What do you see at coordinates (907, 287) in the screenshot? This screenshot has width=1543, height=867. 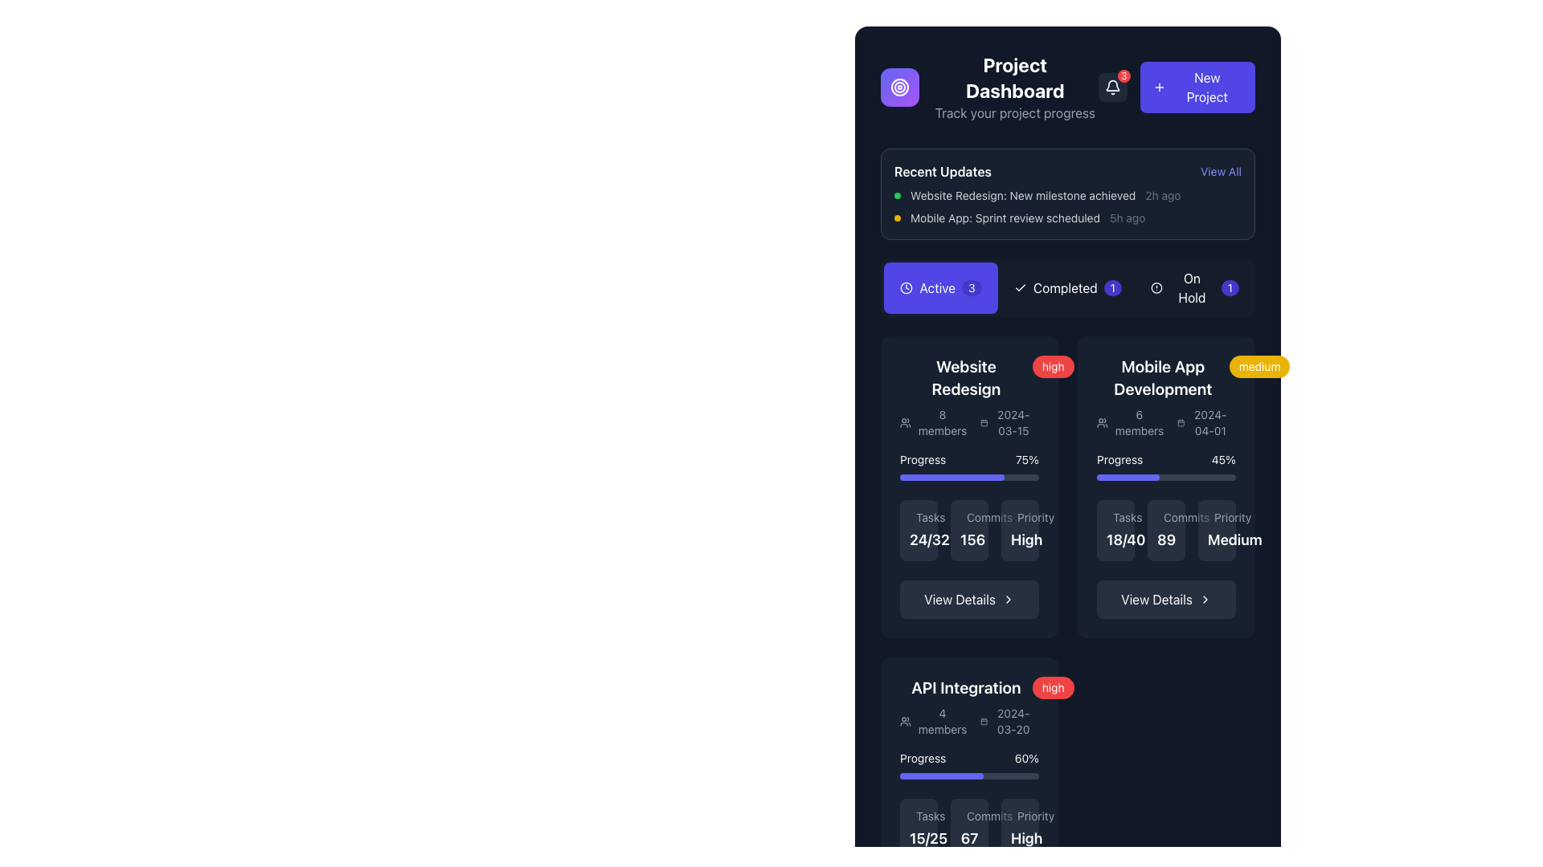 I see `the circular SVG component styled as a clock icon located at the center of the clock face in the project dashboard interface` at bounding box center [907, 287].